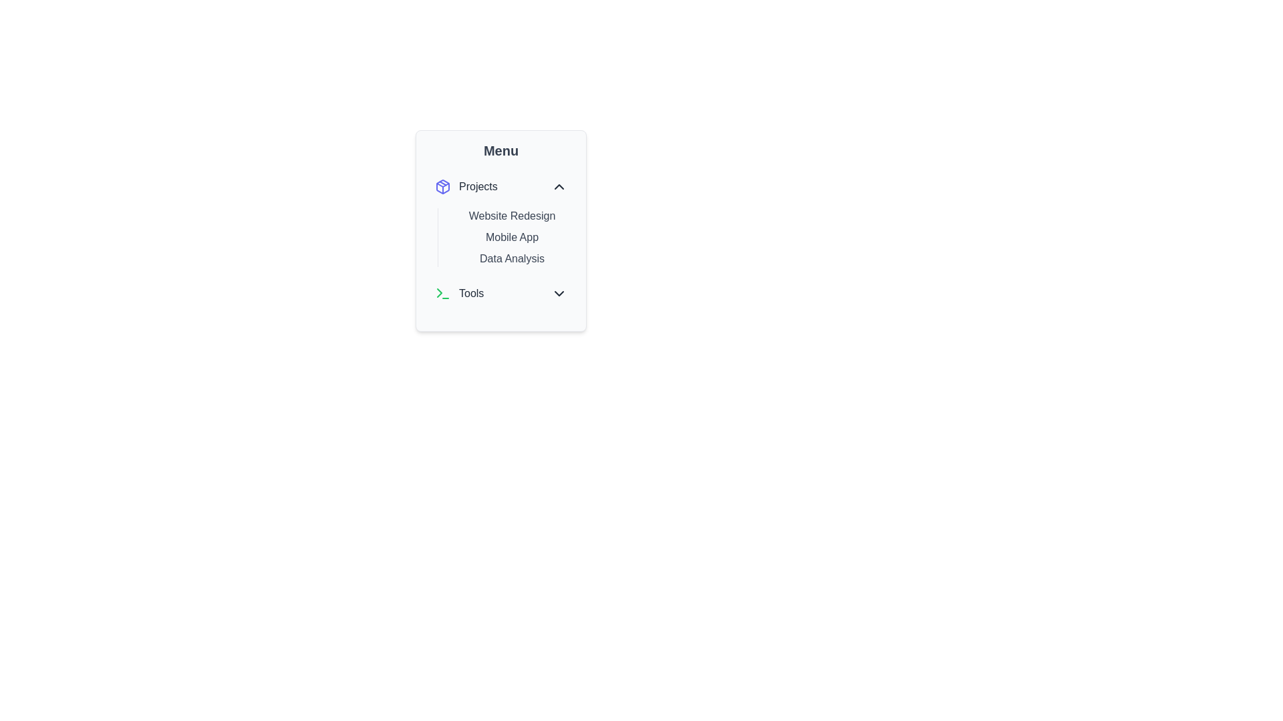  I want to click on the third text-based link under the 'Projects' section, so click(511, 259).